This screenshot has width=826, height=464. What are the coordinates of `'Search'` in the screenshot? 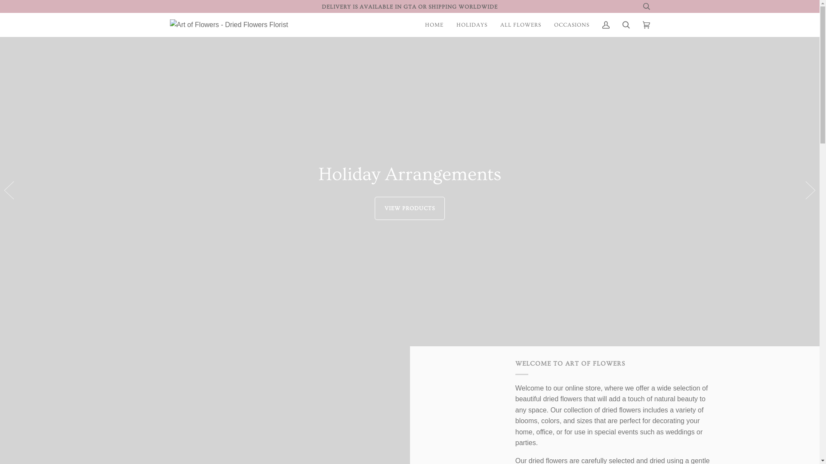 It's located at (626, 24).